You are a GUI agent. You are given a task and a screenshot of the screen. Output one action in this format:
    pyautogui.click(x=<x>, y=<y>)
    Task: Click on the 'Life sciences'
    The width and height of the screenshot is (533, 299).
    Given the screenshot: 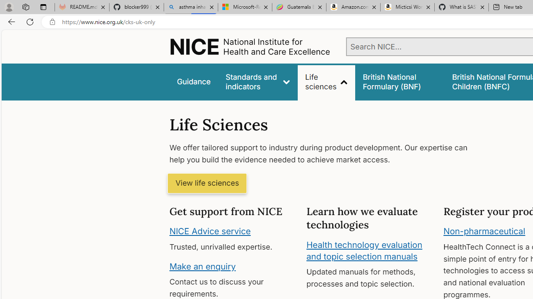 What is the action you would take?
    pyautogui.click(x=326, y=82)
    